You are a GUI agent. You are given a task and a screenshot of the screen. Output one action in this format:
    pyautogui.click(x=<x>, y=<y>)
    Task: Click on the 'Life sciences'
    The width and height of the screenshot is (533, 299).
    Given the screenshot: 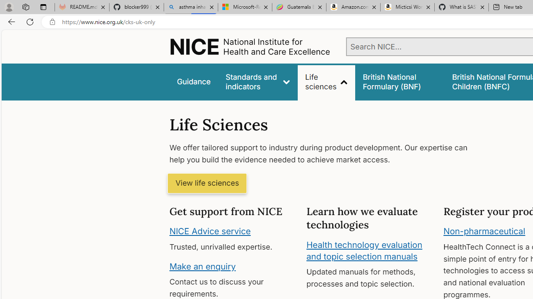 What is the action you would take?
    pyautogui.click(x=326, y=82)
    